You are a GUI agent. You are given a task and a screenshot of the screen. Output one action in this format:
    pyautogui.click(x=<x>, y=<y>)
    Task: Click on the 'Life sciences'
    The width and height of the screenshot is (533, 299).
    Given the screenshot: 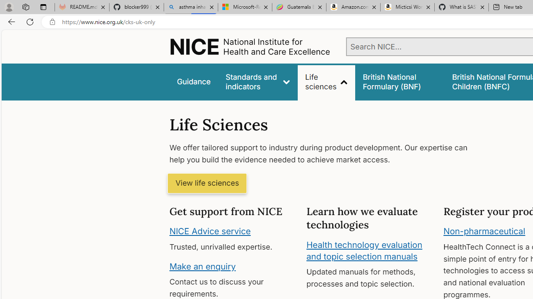 What is the action you would take?
    pyautogui.click(x=326, y=82)
    